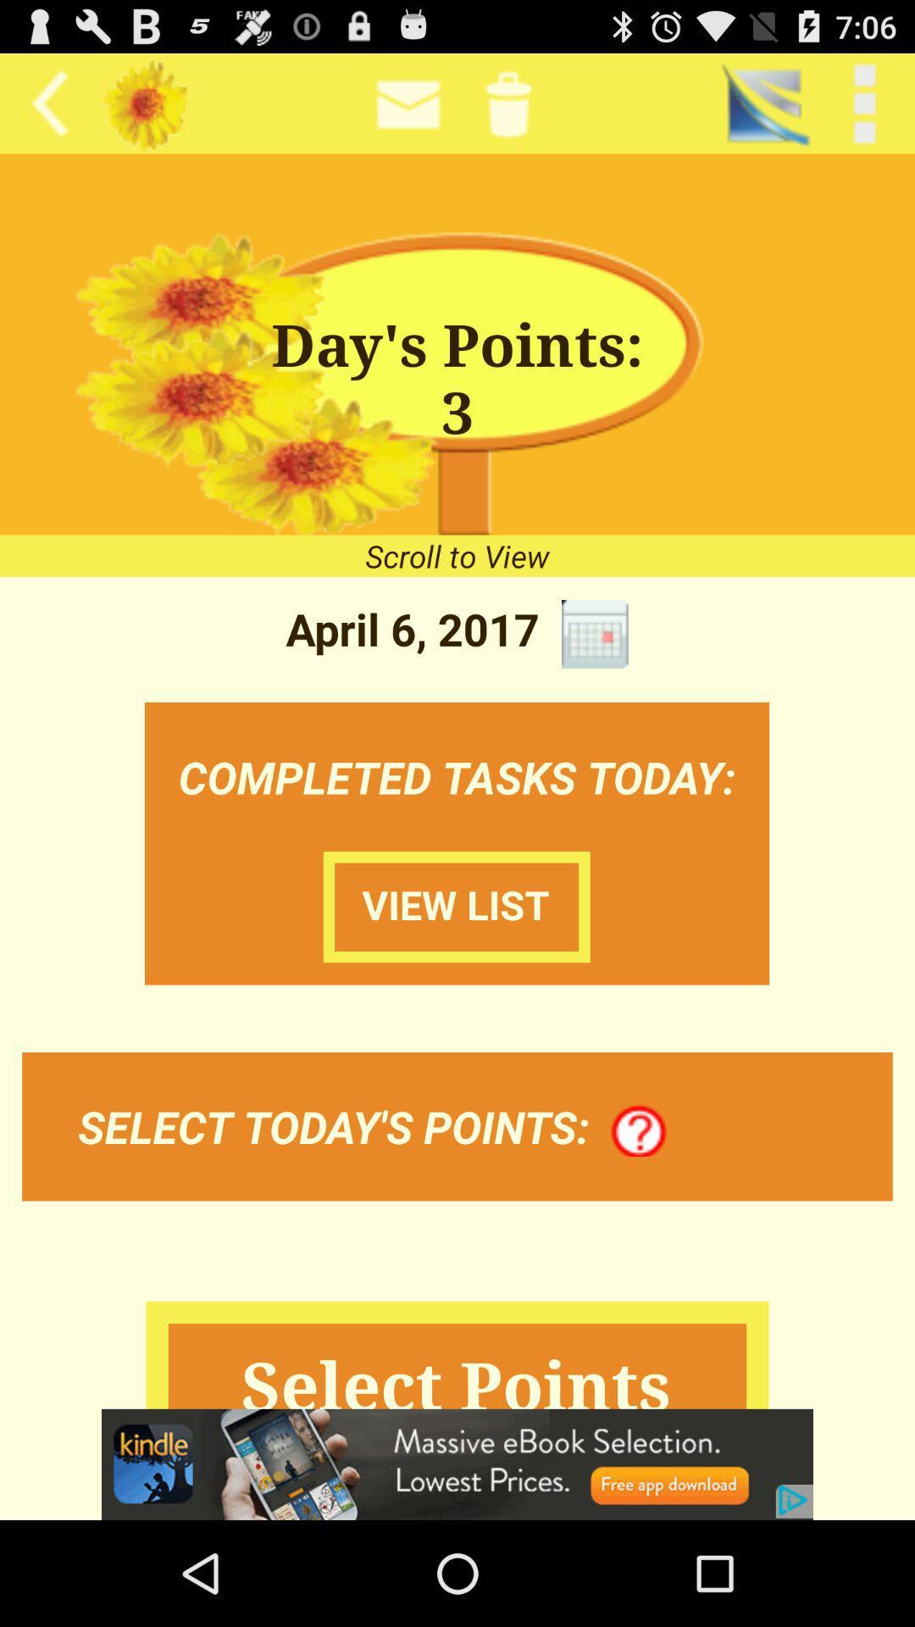 This screenshot has height=1627, width=915. What do you see at coordinates (456, 906) in the screenshot?
I see `item above the select today s item` at bounding box center [456, 906].